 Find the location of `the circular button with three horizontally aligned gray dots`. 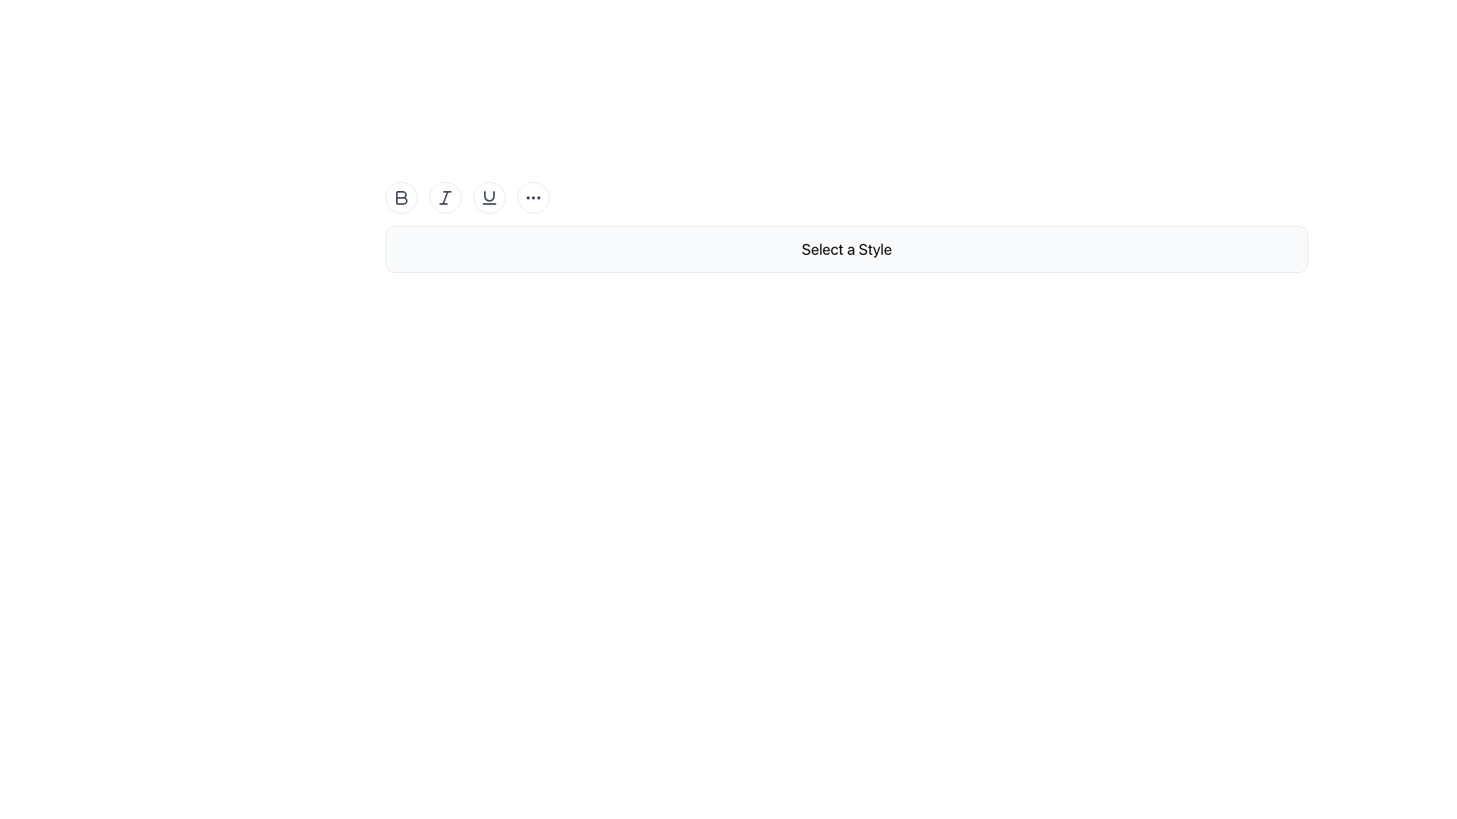

the circular button with three horizontally aligned gray dots is located at coordinates (533, 197).